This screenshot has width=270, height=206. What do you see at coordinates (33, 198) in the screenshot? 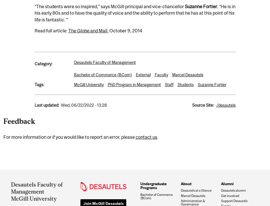
I see `'McGill University'` at bounding box center [33, 198].